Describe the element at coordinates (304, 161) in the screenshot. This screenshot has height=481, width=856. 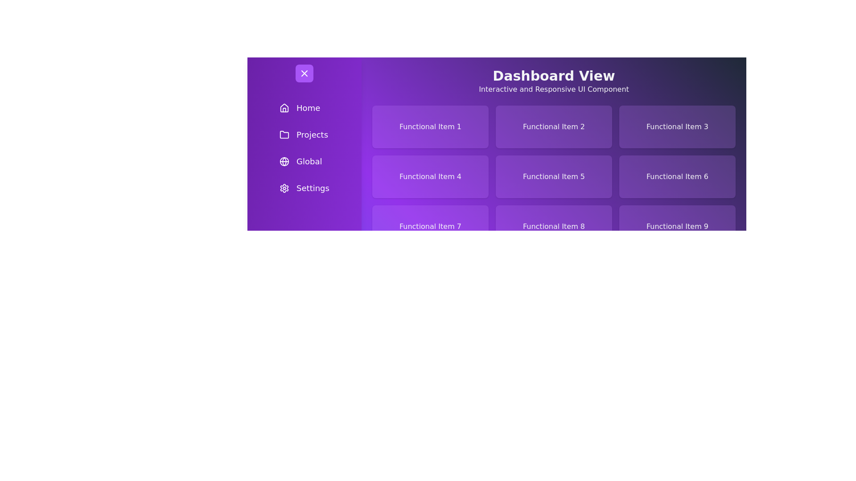
I see `the menu item labeled 'Global' to observe its hover effect` at that location.